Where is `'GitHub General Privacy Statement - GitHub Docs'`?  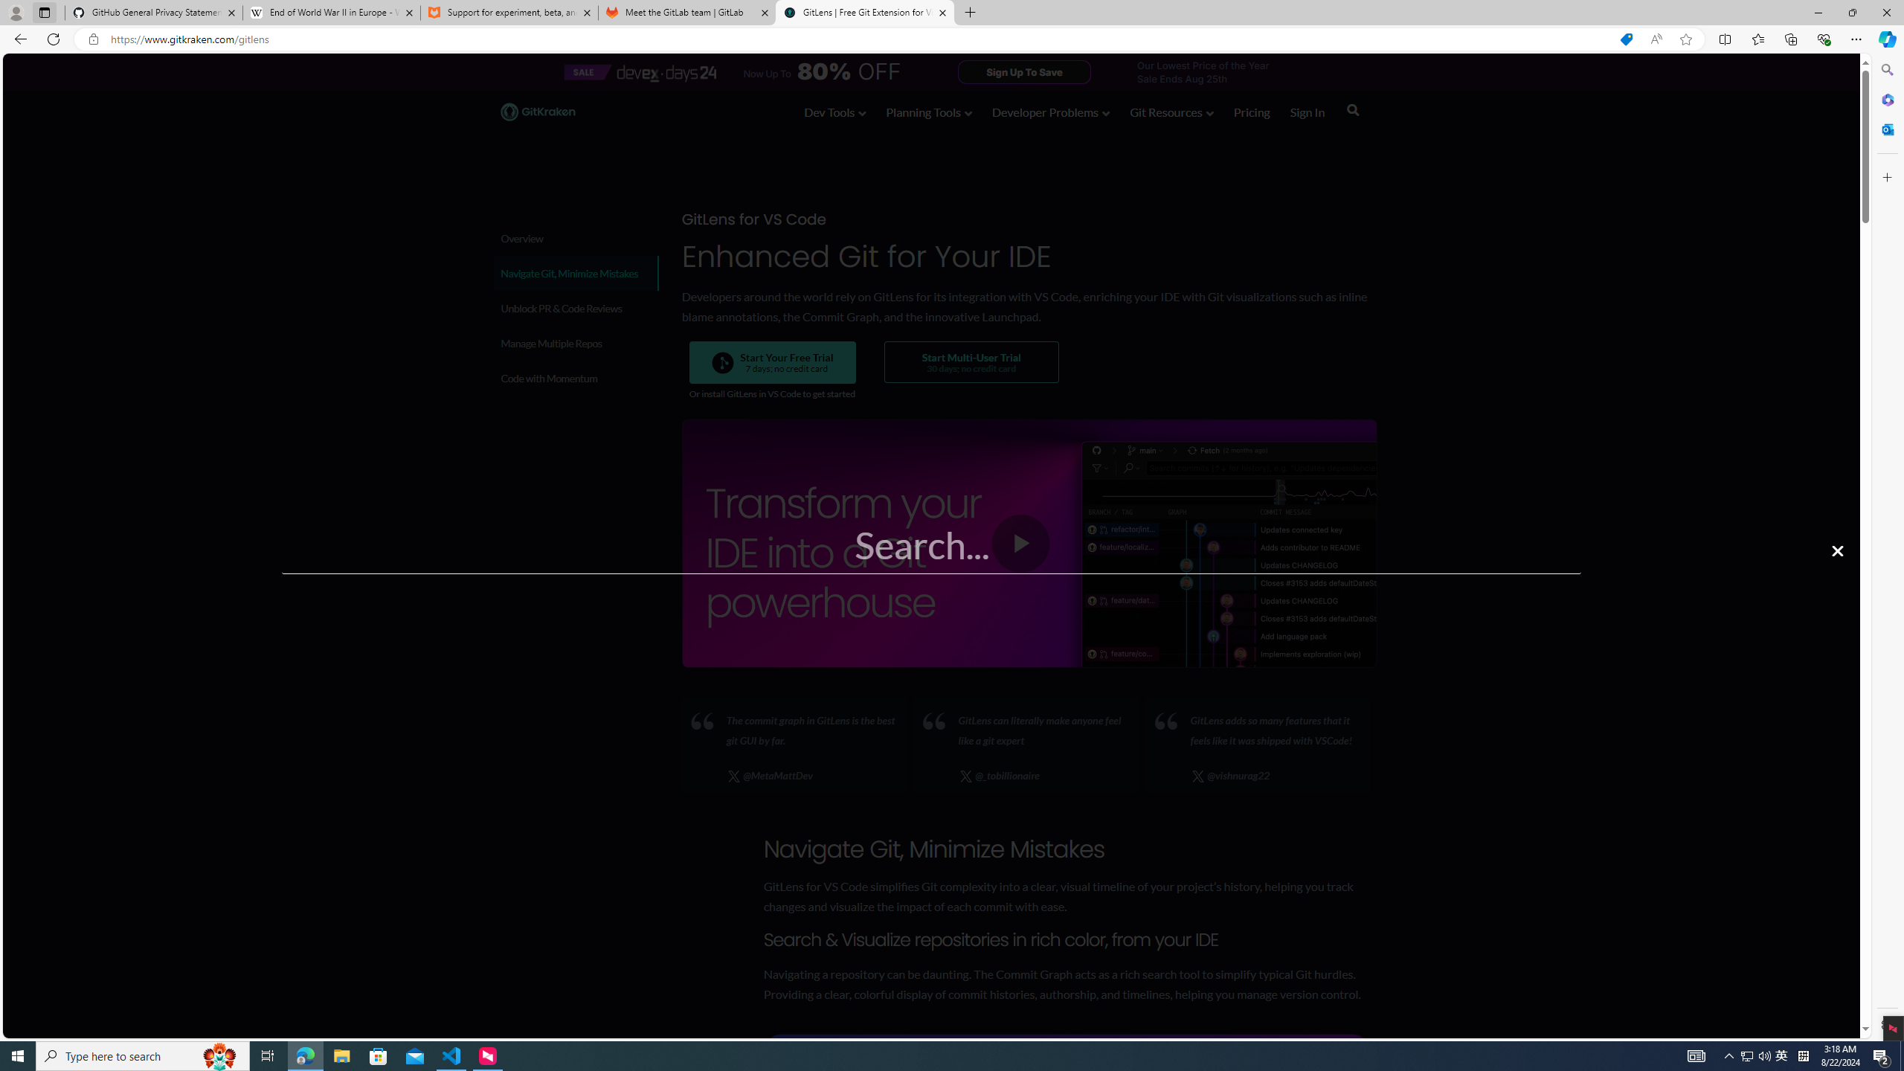
'GitHub General Privacy Statement - GitHub Docs' is located at coordinates (154, 12).